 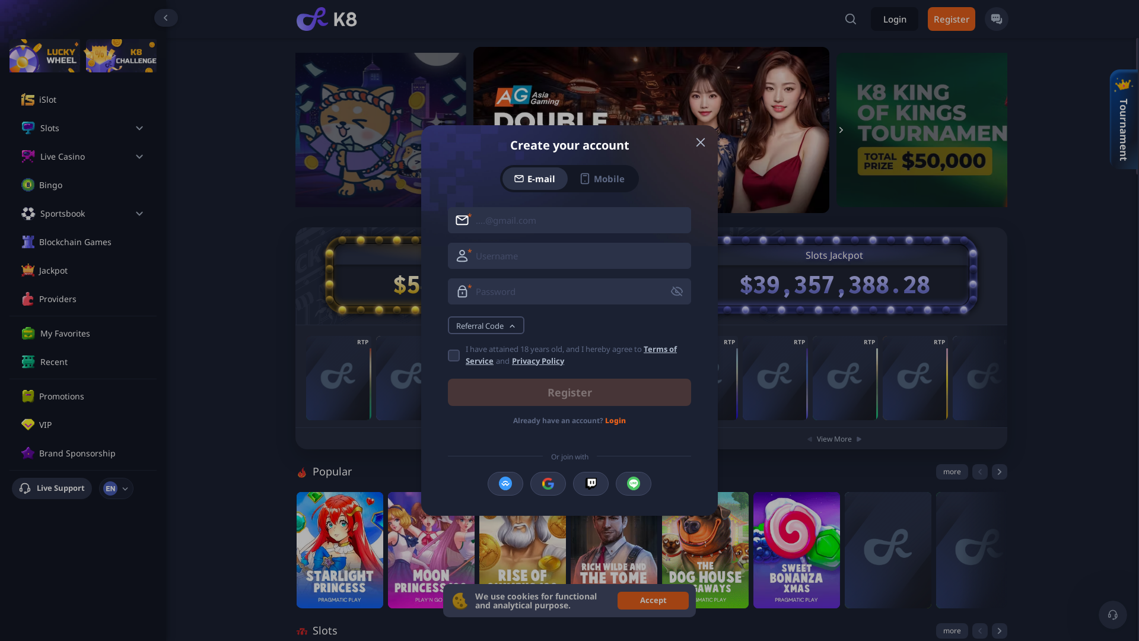 What do you see at coordinates (888, 550) in the screenshot?
I see `'Drop'EM'` at bounding box center [888, 550].